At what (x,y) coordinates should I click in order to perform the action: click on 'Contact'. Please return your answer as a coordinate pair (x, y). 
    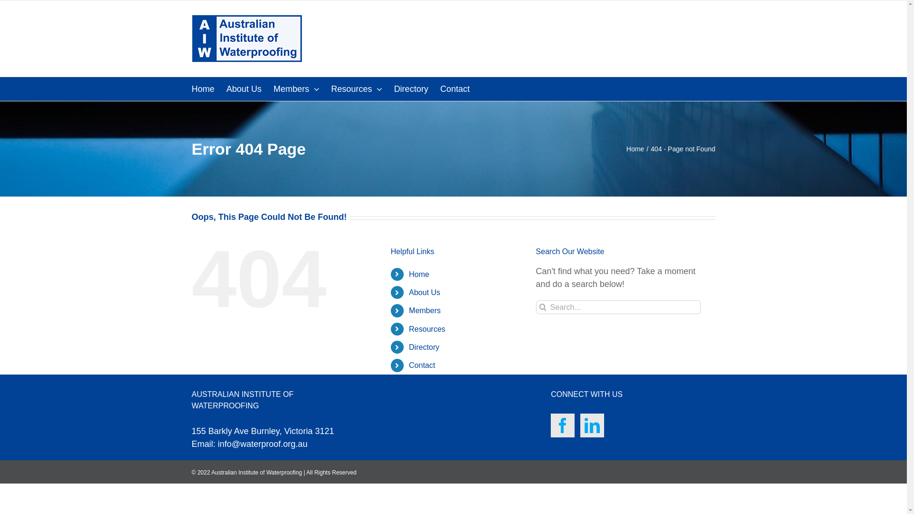
    Looking at the image, I should click on (421, 365).